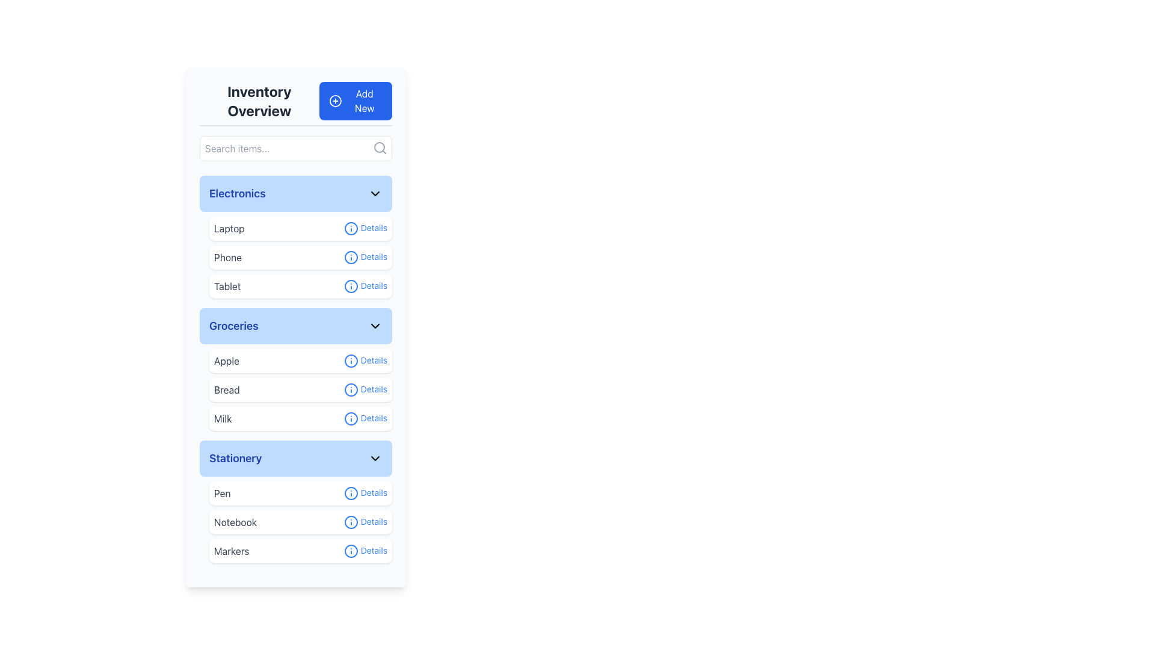 The width and height of the screenshot is (1155, 650). Describe the element at coordinates (300, 257) in the screenshot. I see `the second item in the vertically-stacked list under the 'Electronics' group, which represents a grouped item for 'Phone'` at that location.